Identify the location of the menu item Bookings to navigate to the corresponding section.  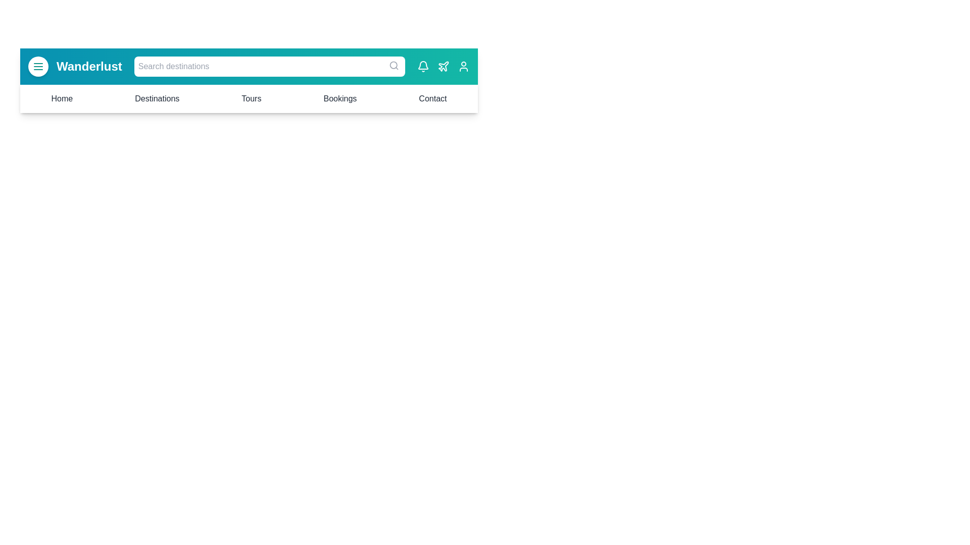
(340, 99).